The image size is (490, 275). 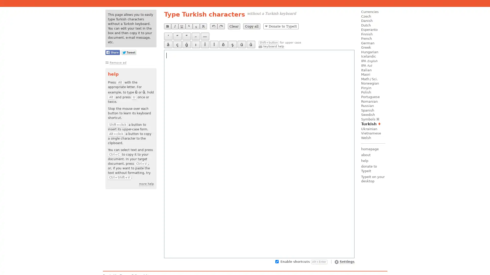 I want to click on I, so click(x=205, y=44).